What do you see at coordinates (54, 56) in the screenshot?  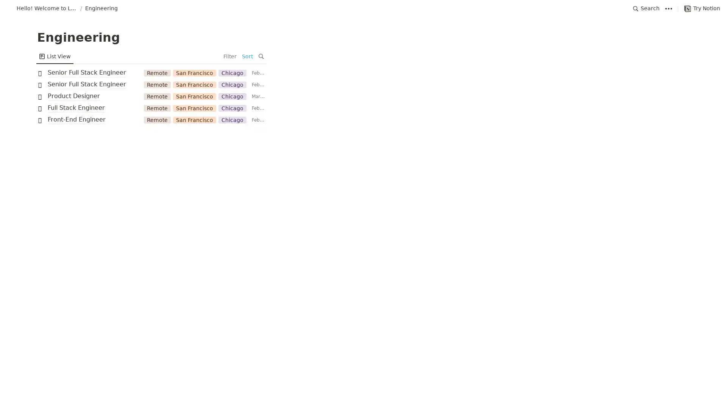 I see `List View` at bounding box center [54, 56].